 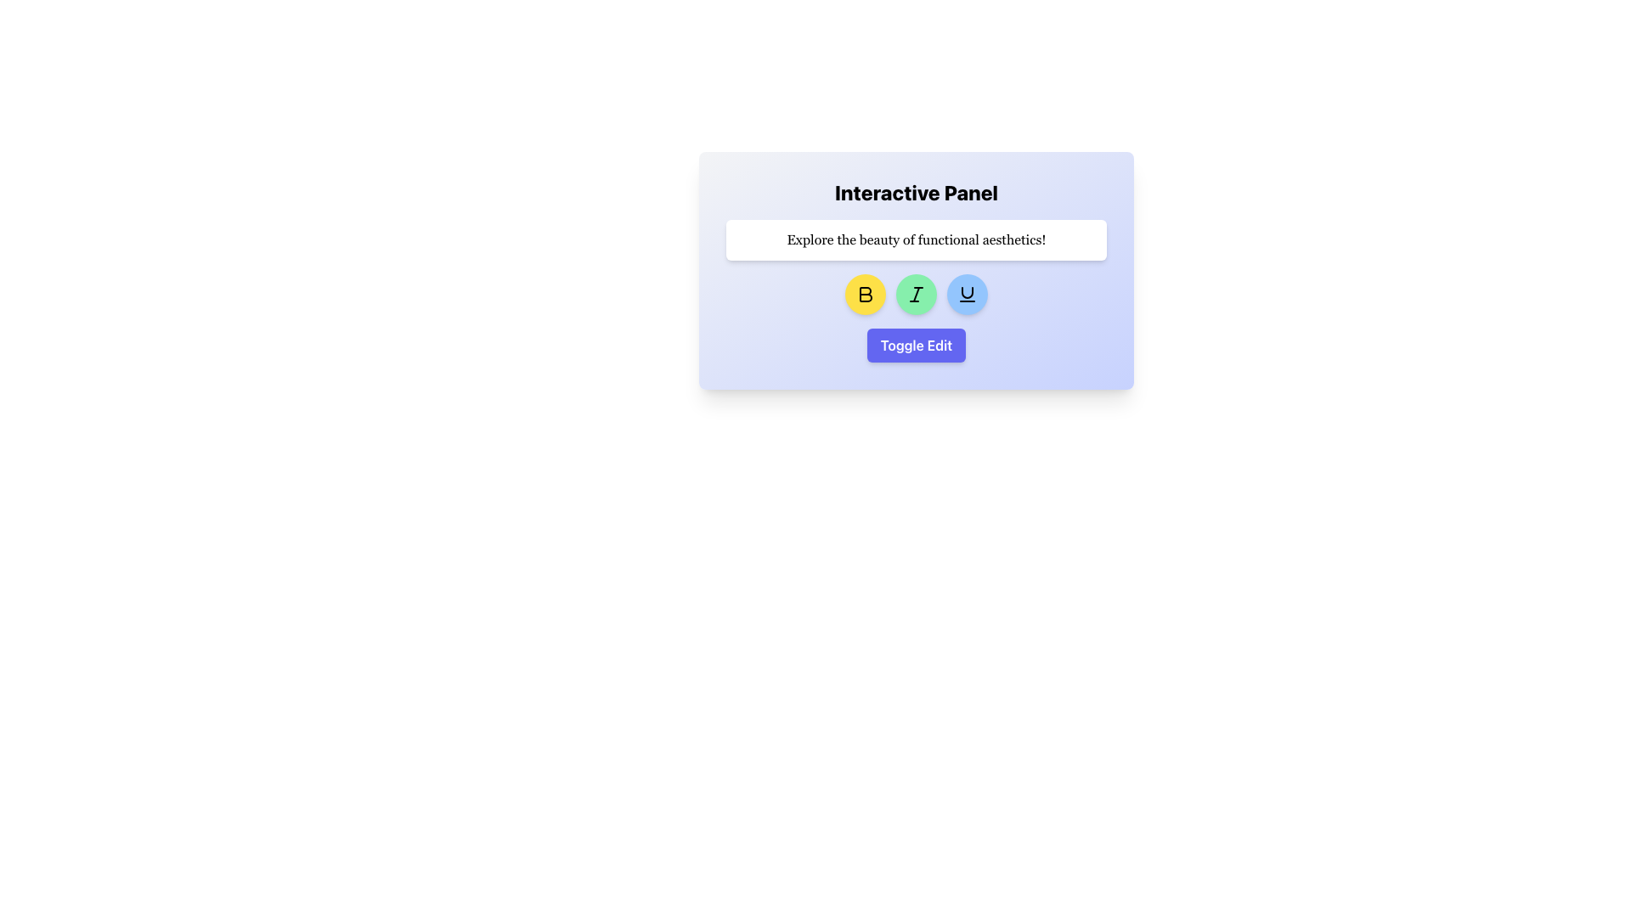 I want to click on the circular green button with an italicized 'I' symbol for keyboard interactions, located beneath the text 'Explore the beauty of functional aesthetics!', so click(x=916, y=294).